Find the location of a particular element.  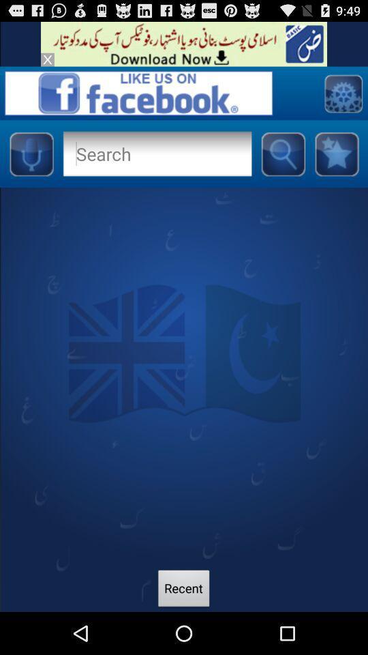

the search icon is located at coordinates (282, 164).